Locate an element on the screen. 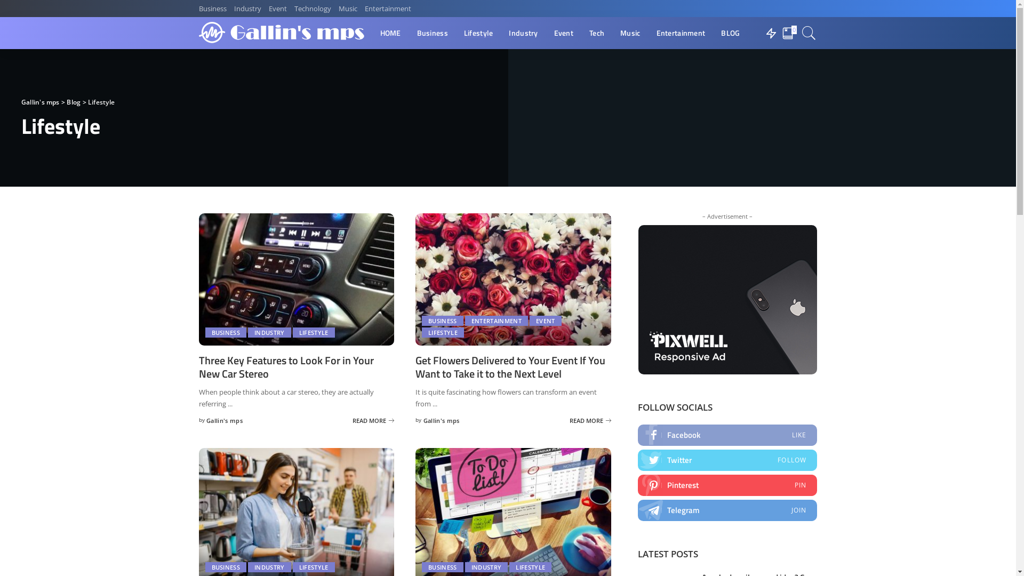  'Entertainment' is located at coordinates (361, 9).